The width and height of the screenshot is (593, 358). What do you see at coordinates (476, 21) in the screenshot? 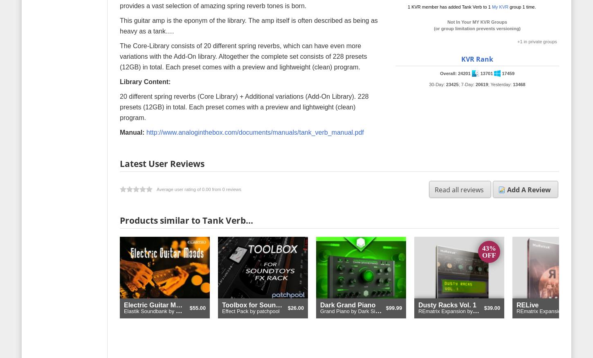
I see `'Not In Your MY KVR Groups'` at bounding box center [476, 21].